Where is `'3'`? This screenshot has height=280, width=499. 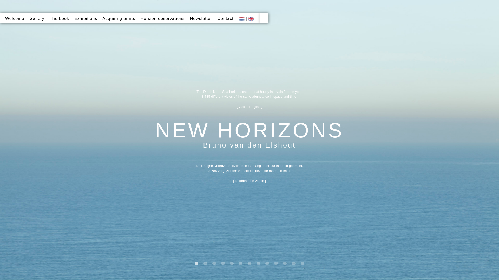 '3' is located at coordinates (214, 263).